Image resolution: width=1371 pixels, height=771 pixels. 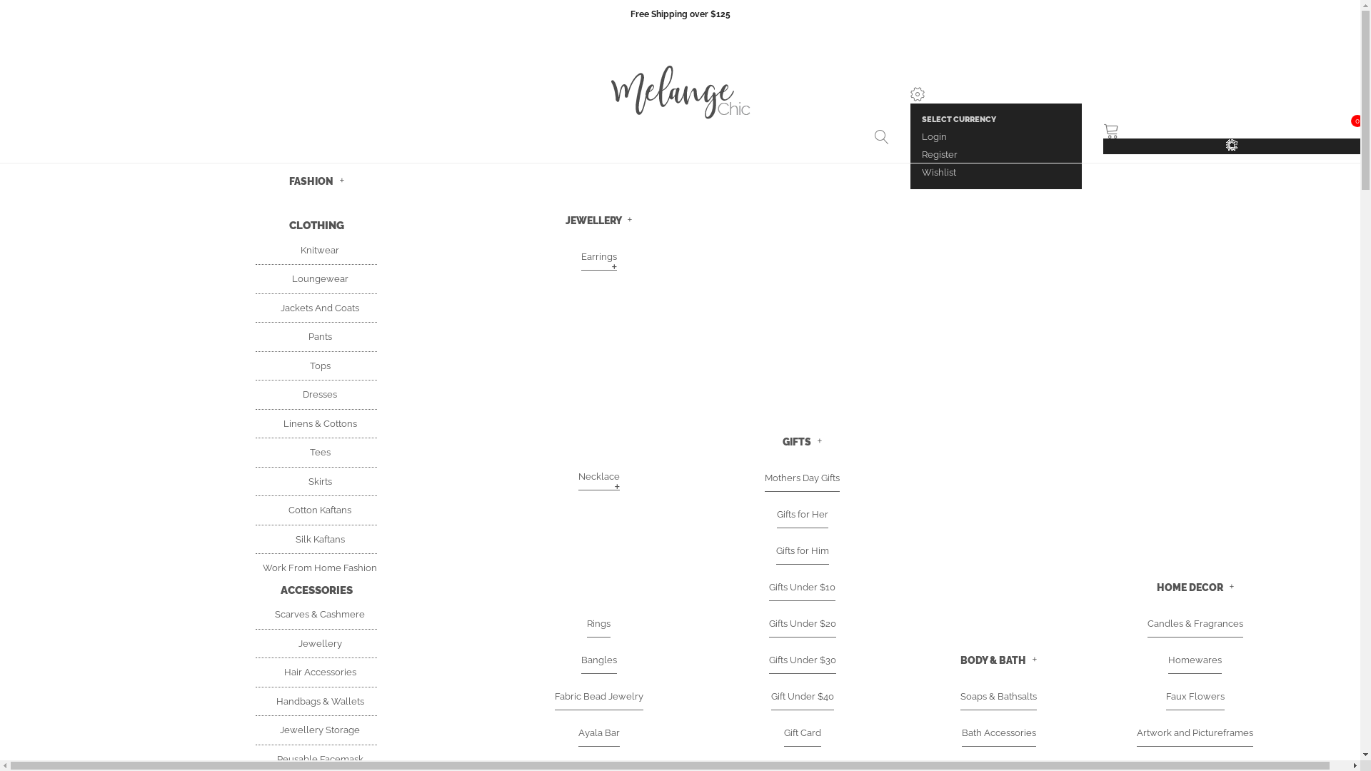 I want to click on 'Gift Card', so click(x=802, y=732).